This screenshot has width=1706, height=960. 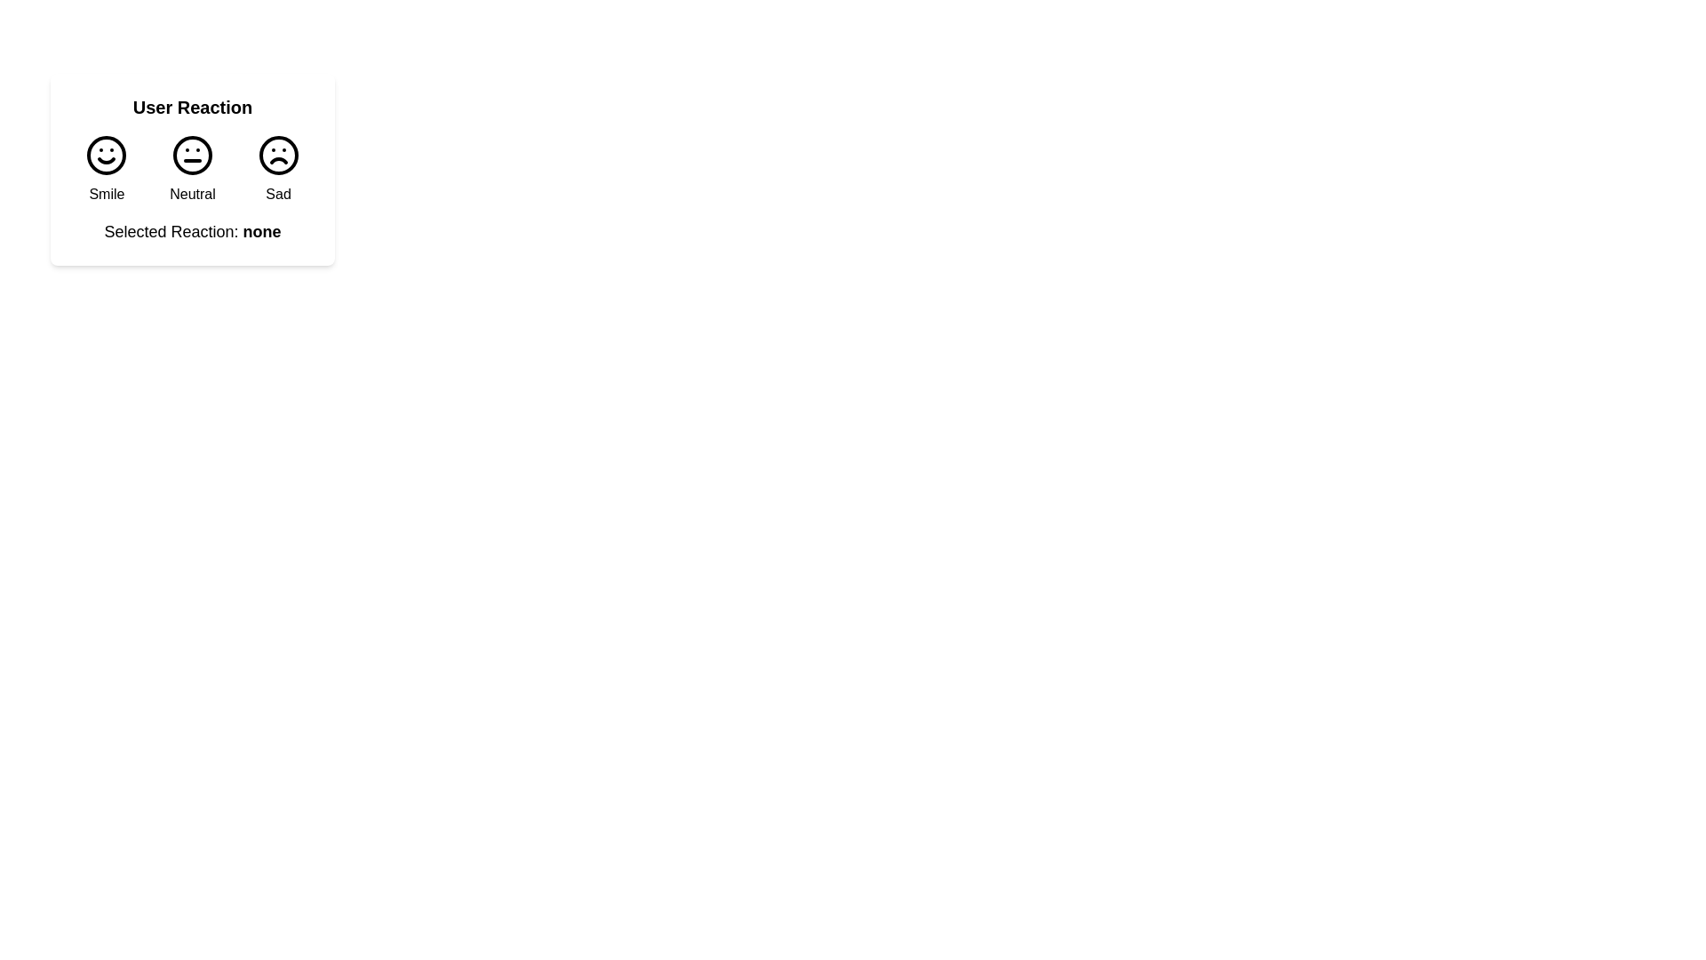 What do you see at coordinates (192, 170) in the screenshot?
I see `the Interactive UI group for selecting reactions, which includes 'Smile', 'Neutral', and 'Sad' options` at bounding box center [192, 170].